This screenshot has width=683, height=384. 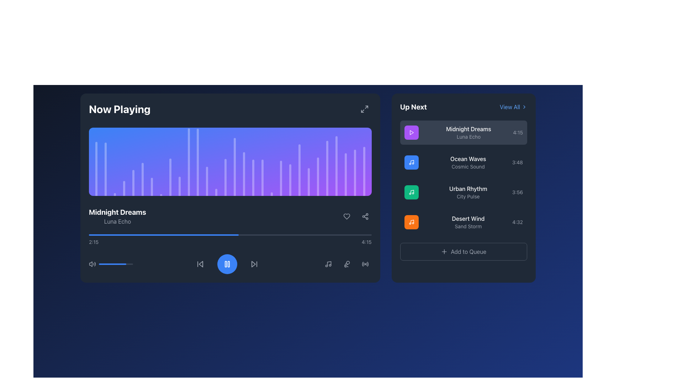 What do you see at coordinates (230, 264) in the screenshot?
I see `the buttons on the control bar located at the bottom of the music player card, which includes volume control, play, pause, and skip track functionalities` at bounding box center [230, 264].